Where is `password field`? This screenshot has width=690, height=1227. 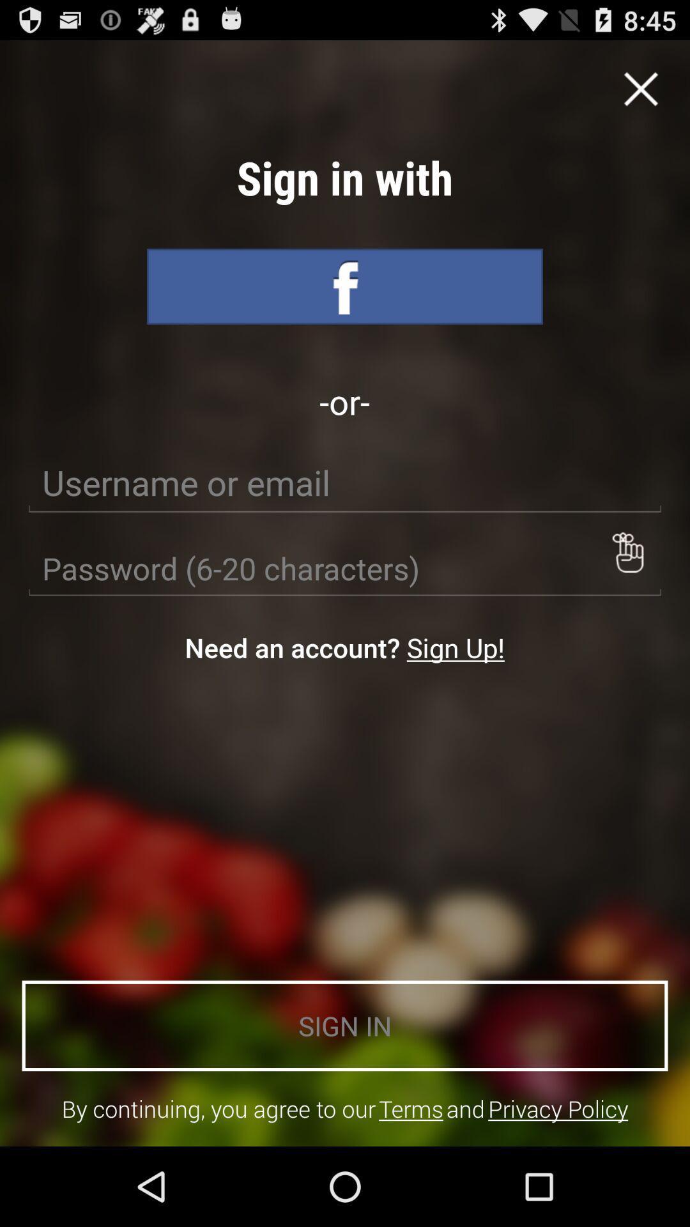 password field is located at coordinates (345, 568).